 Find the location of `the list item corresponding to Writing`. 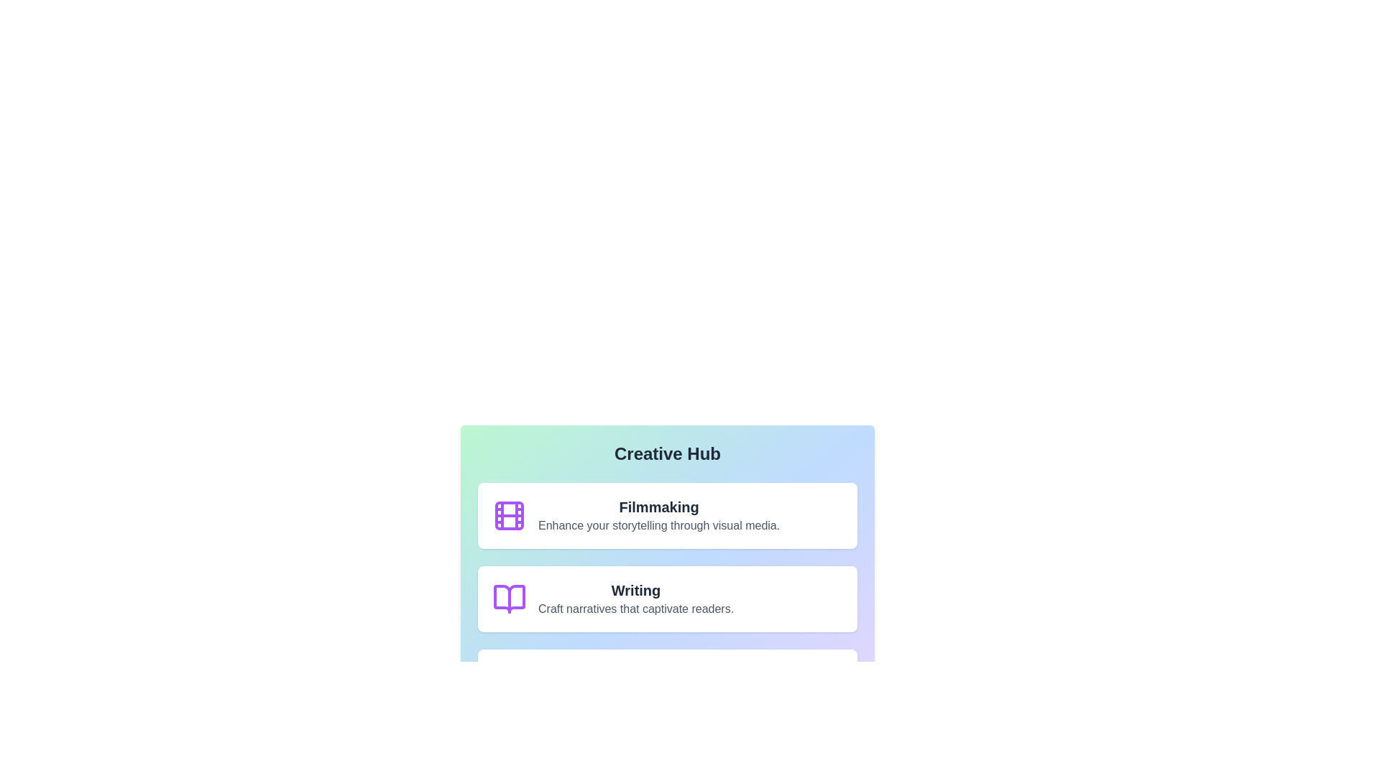

the list item corresponding to Writing is located at coordinates (667, 599).